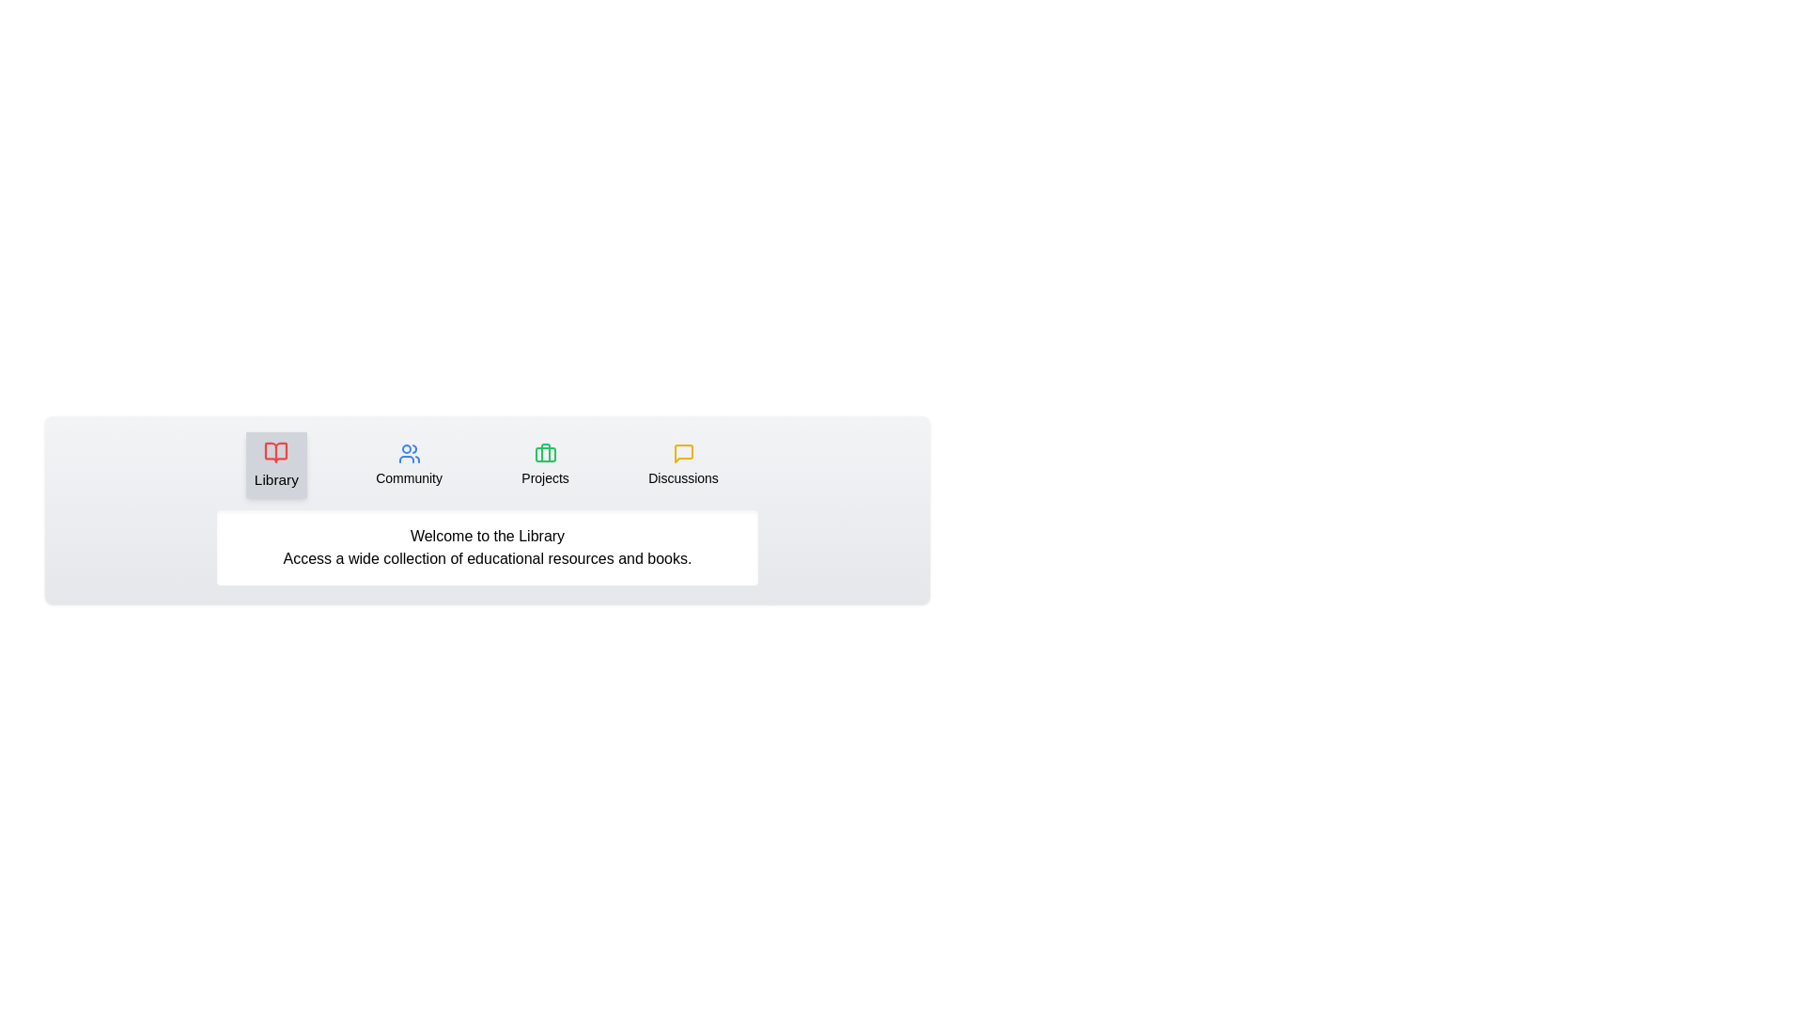 This screenshot has width=1804, height=1015. Describe the element at coordinates (682, 453) in the screenshot. I see `the fourth icon from the left in a horizontal row of icons, which serves as a visual indicator for accessing messaging or discussion features` at that location.